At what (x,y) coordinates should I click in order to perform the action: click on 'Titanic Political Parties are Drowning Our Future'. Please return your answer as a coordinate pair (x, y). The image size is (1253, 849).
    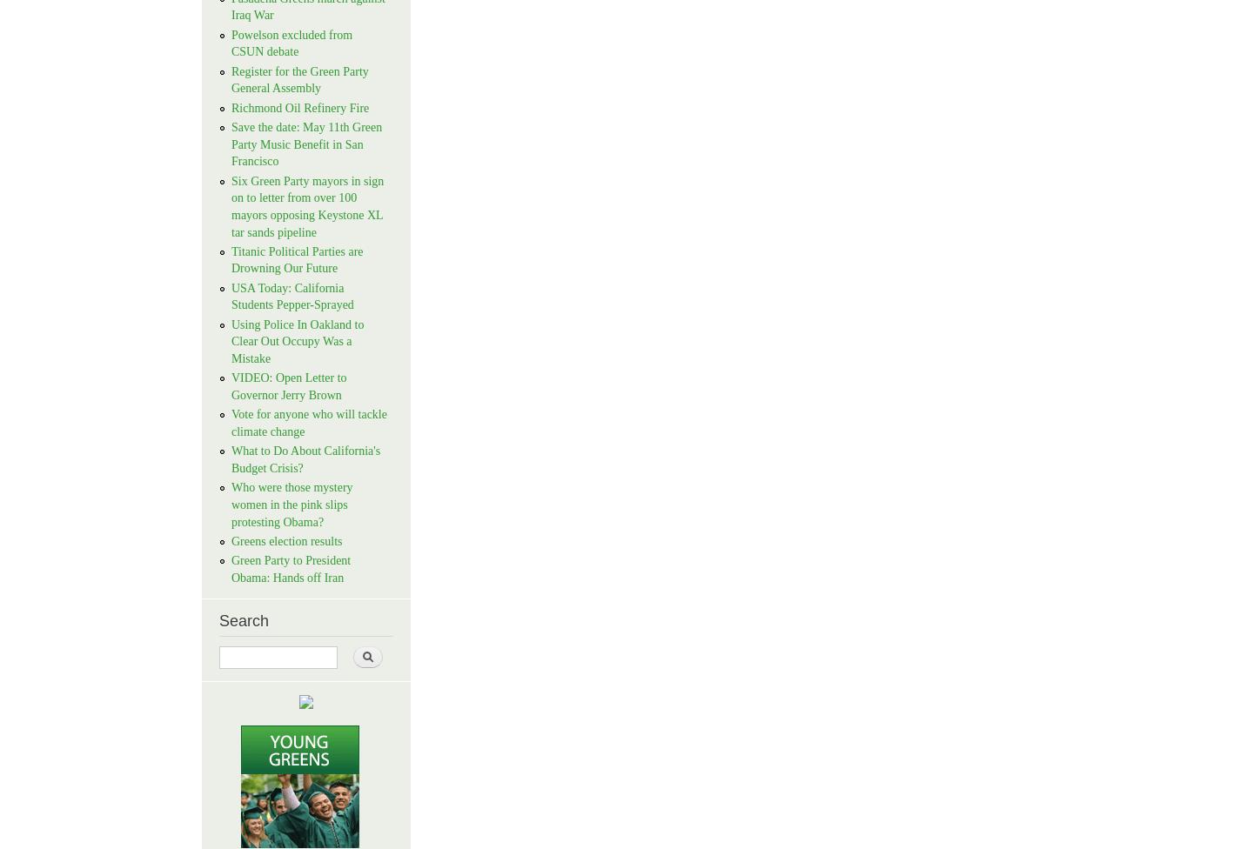
    Looking at the image, I should click on (230, 259).